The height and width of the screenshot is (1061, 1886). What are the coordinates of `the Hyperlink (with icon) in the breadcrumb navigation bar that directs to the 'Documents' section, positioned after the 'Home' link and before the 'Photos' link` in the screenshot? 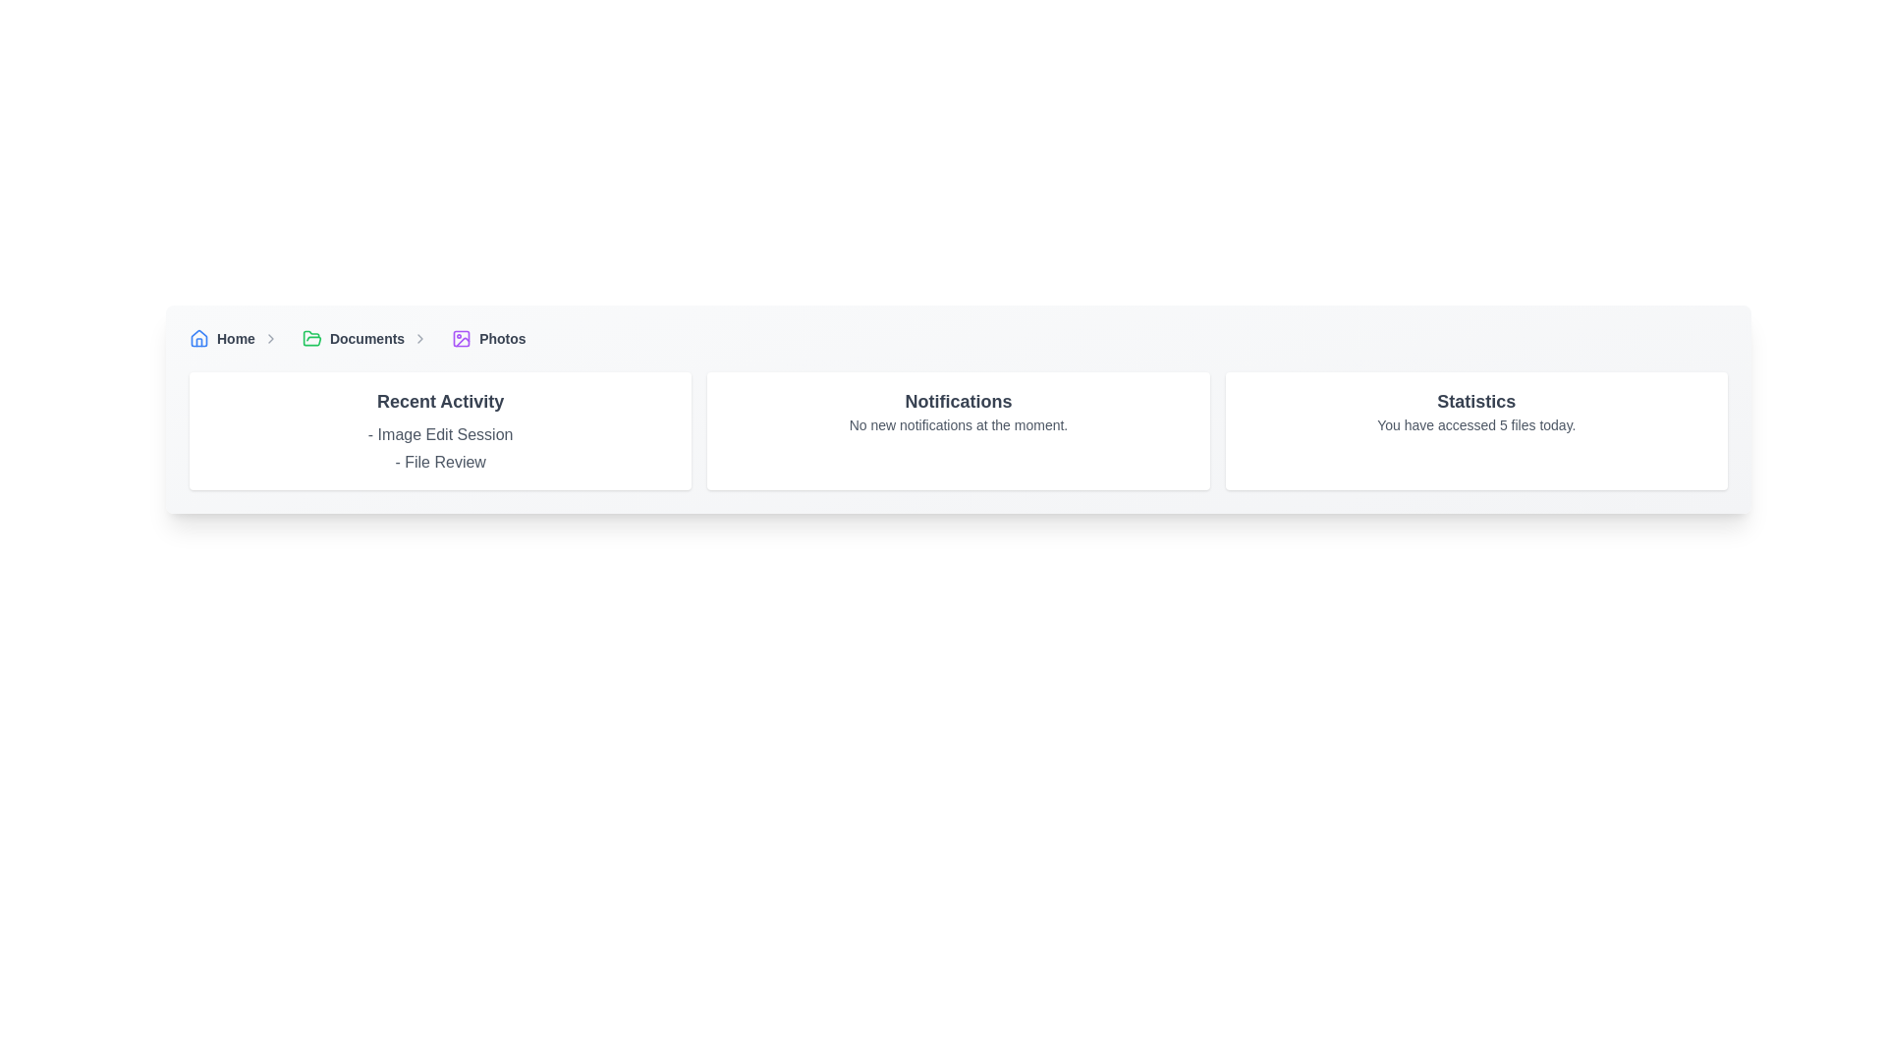 It's located at (354, 337).